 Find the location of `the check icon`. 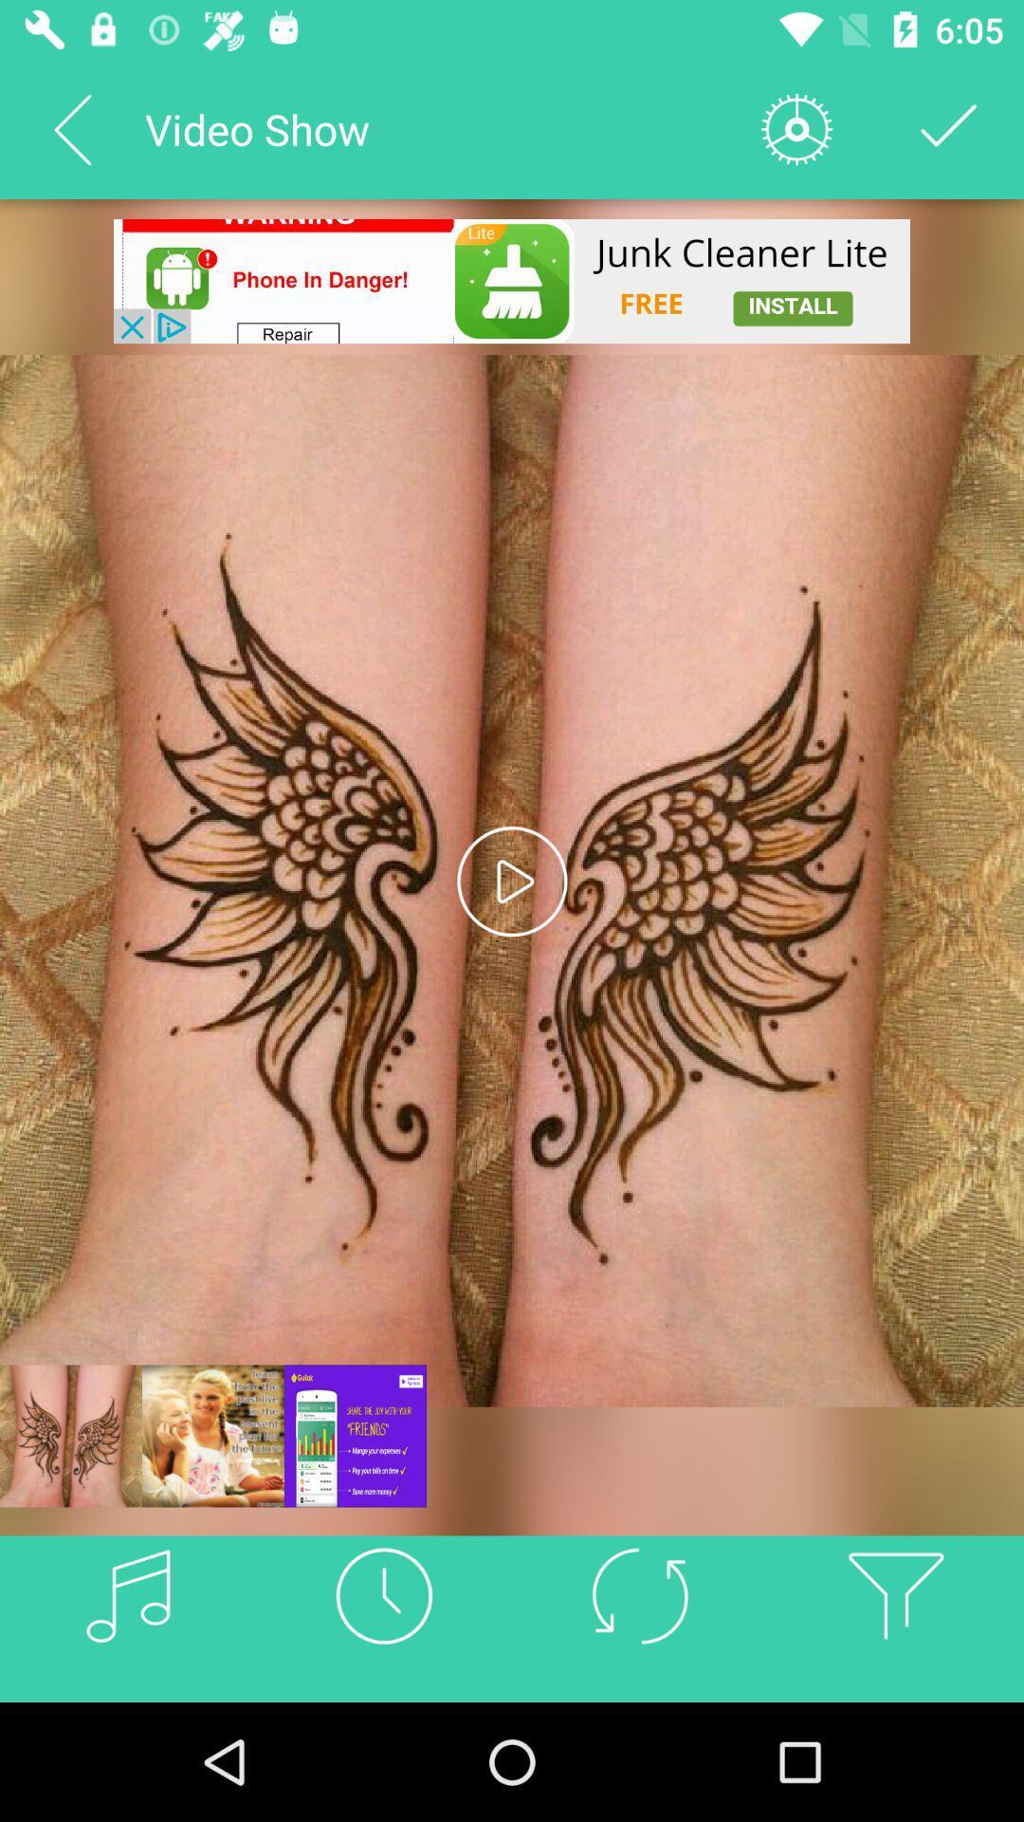

the check icon is located at coordinates (949, 128).